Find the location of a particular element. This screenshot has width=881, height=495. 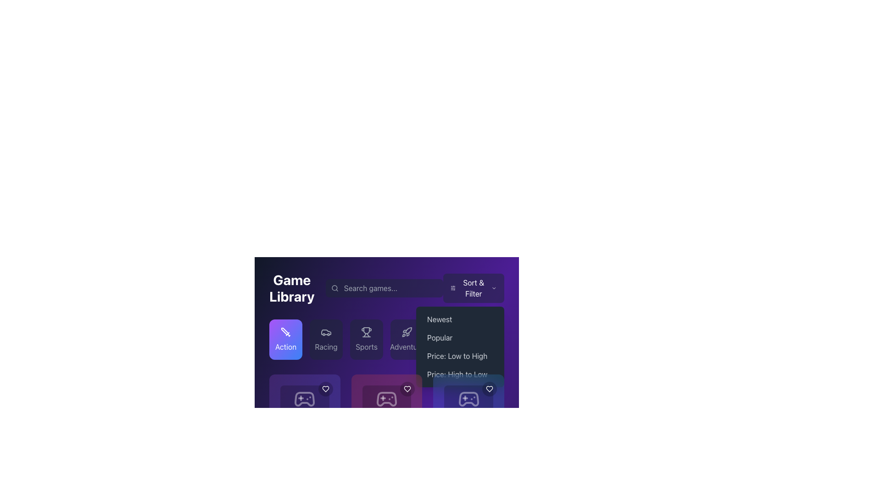

the gaming category icon located in the second row, second column of the grid in the 'Game Library' section is located at coordinates (387, 399).